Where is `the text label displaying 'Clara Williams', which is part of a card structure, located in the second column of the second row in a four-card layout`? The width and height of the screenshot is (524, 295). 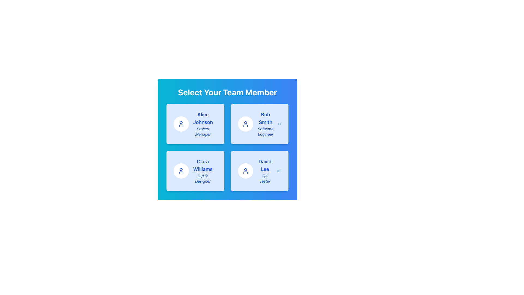 the text label displaying 'Clara Williams', which is part of a card structure, located in the second column of the second row in a four-card layout is located at coordinates (203, 165).